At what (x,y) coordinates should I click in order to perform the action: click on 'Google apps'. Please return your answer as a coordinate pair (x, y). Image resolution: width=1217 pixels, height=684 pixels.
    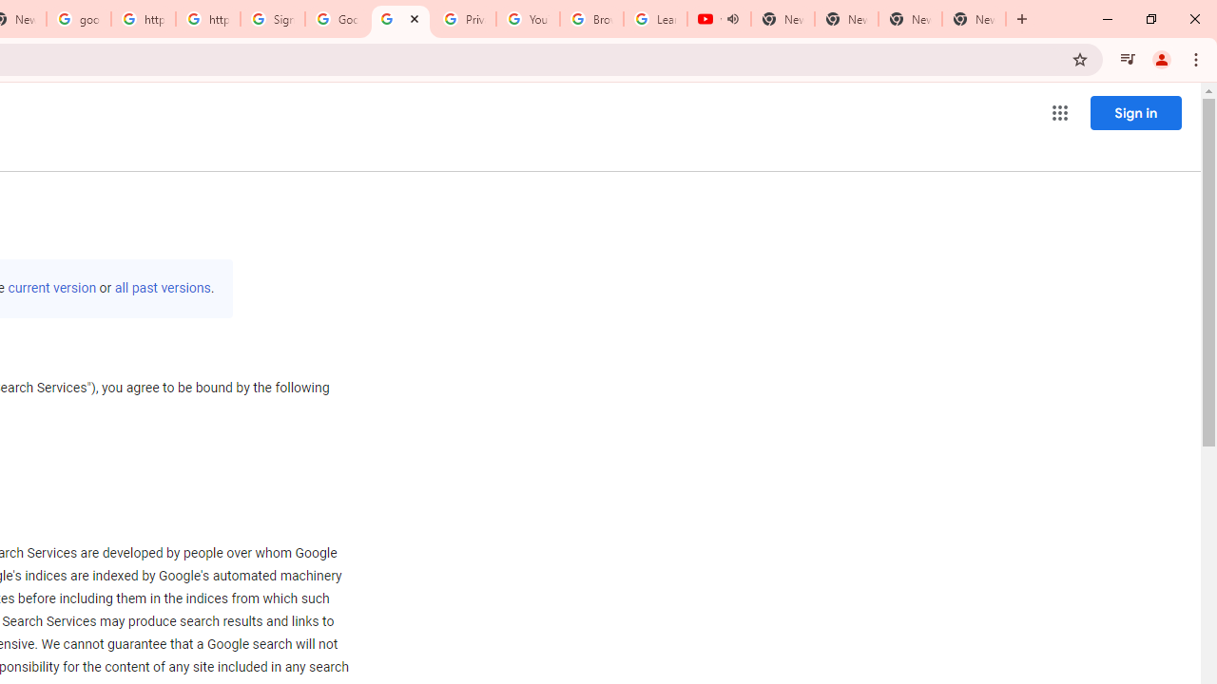
    Looking at the image, I should click on (1058, 113).